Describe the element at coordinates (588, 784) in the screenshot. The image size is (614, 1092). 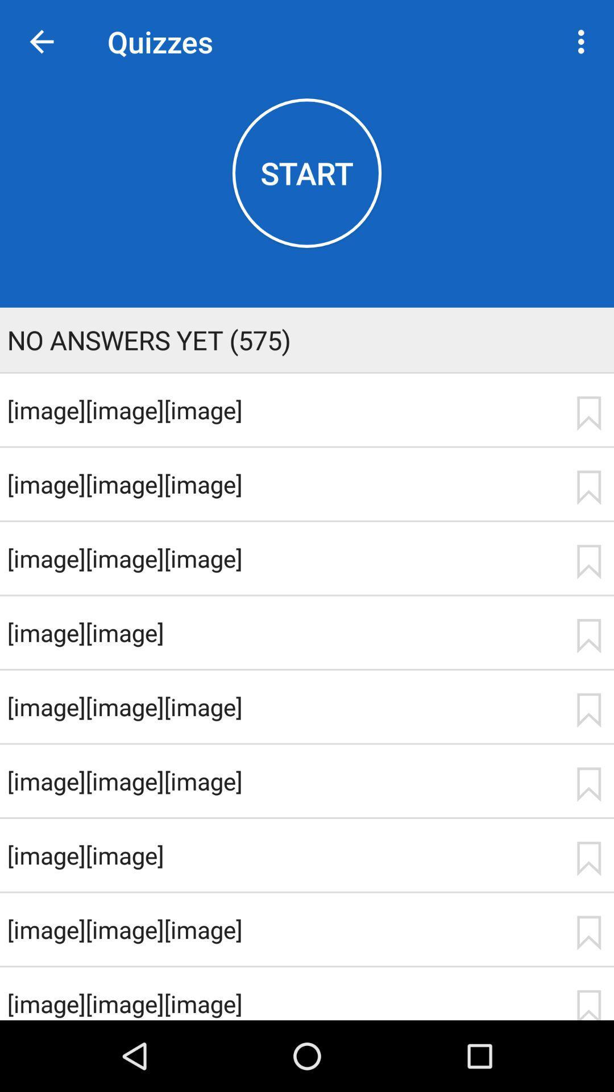
I see `like` at that location.